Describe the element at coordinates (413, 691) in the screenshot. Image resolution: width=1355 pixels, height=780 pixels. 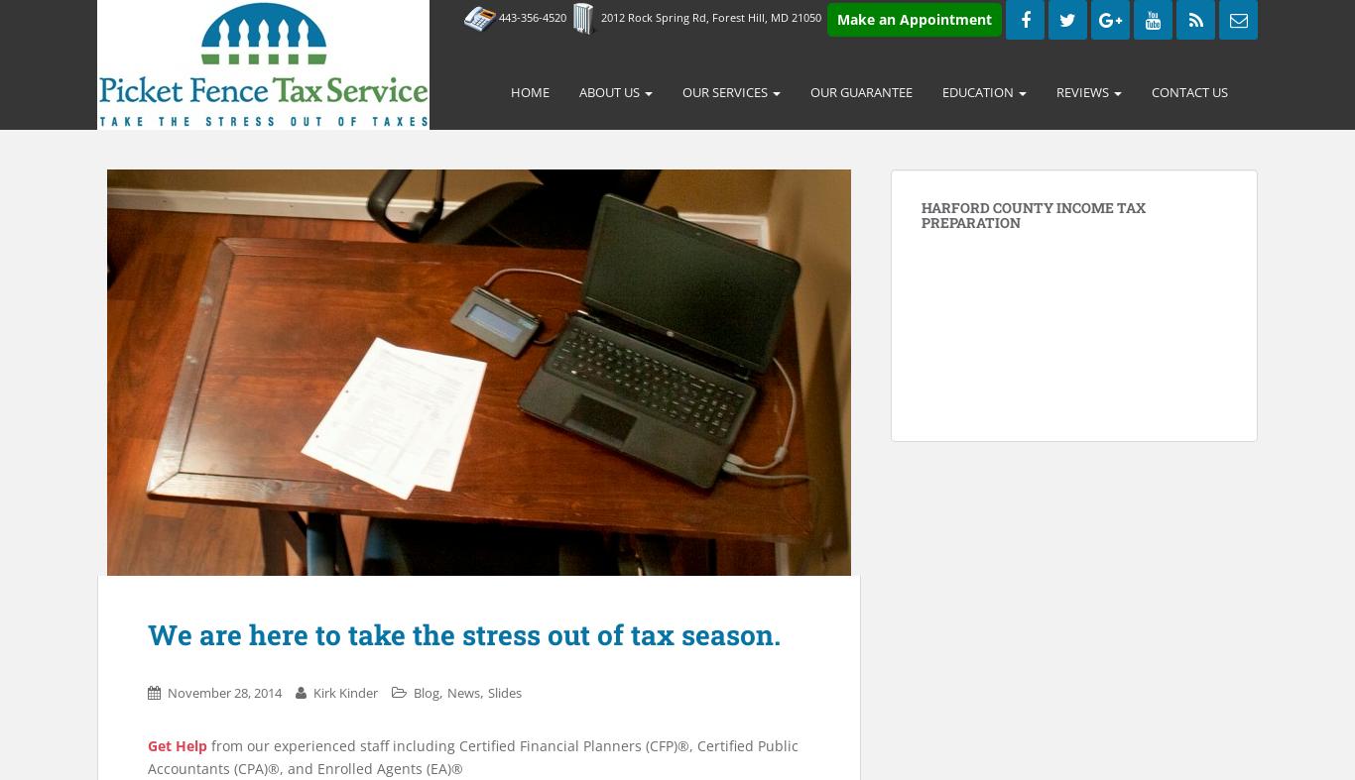
I see `'Blog'` at that location.